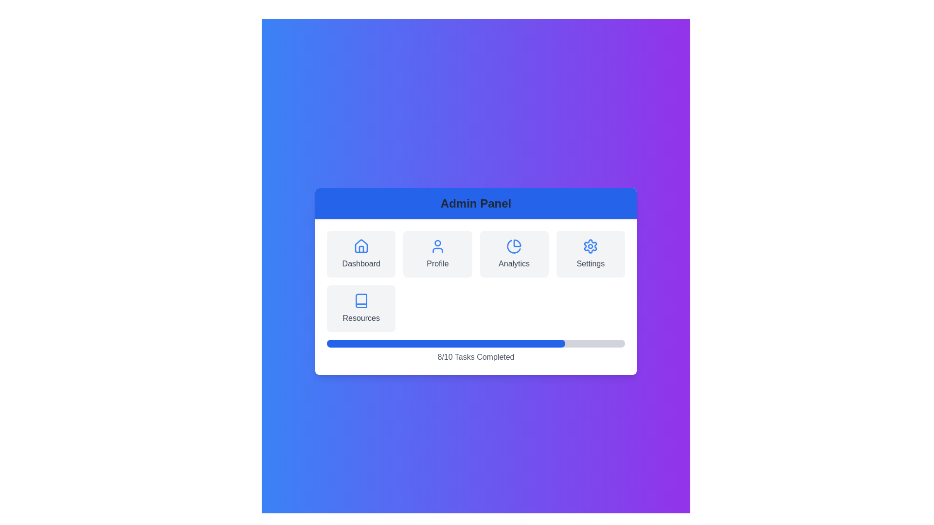 The height and width of the screenshot is (525, 934). What do you see at coordinates (590, 254) in the screenshot?
I see `the menu option Settings to observe its hover effect` at bounding box center [590, 254].